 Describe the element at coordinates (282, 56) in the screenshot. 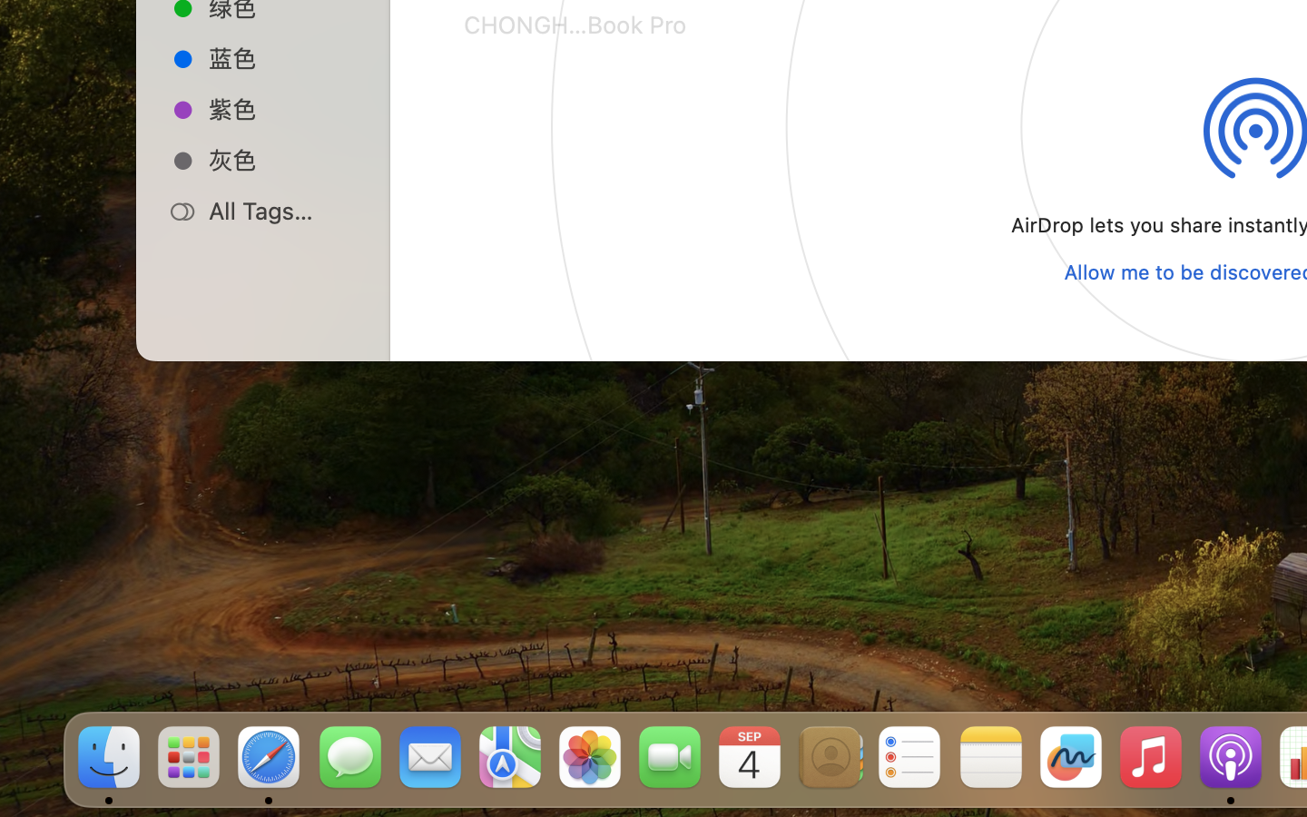

I see `'蓝色'` at that location.